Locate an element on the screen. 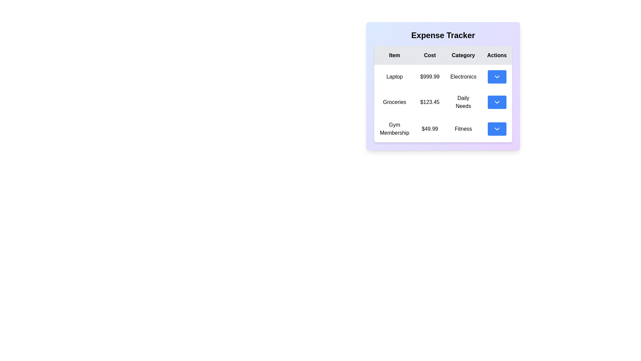  the dropdown trigger button located in the last row of the table under the 'Actions' column is located at coordinates (497, 129).